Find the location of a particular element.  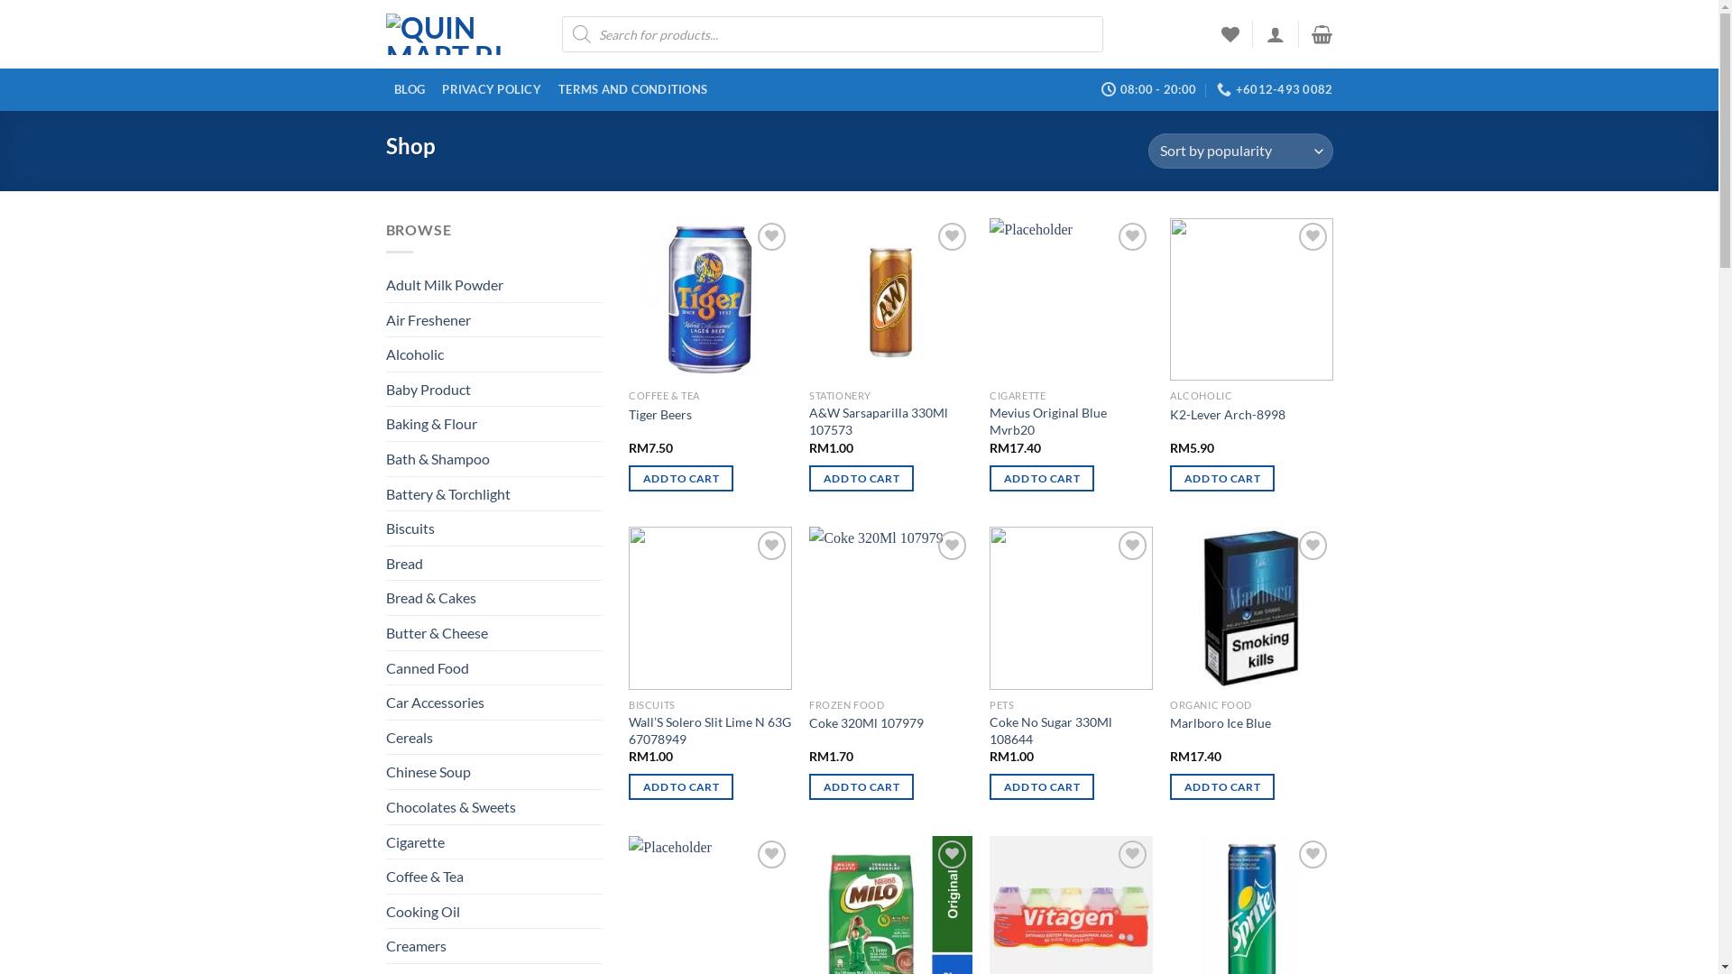

'Chocolates & Sweets' is located at coordinates (493, 805).